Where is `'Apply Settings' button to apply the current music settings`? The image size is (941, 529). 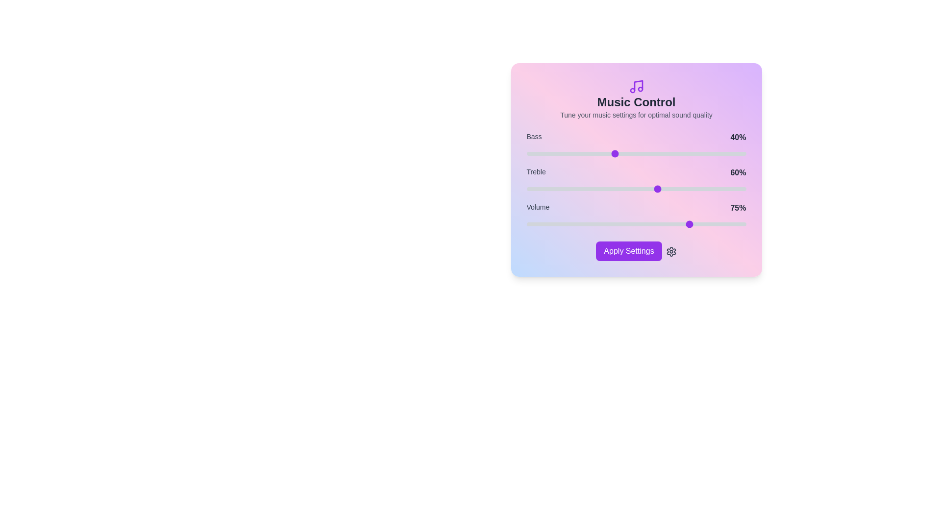 'Apply Settings' button to apply the current music settings is located at coordinates (629, 251).